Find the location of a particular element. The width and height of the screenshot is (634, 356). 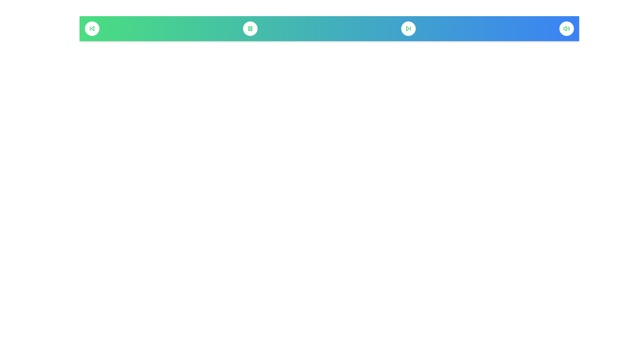

the 'SkipForward' button to skip to the next track is located at coordinates (408, 28).